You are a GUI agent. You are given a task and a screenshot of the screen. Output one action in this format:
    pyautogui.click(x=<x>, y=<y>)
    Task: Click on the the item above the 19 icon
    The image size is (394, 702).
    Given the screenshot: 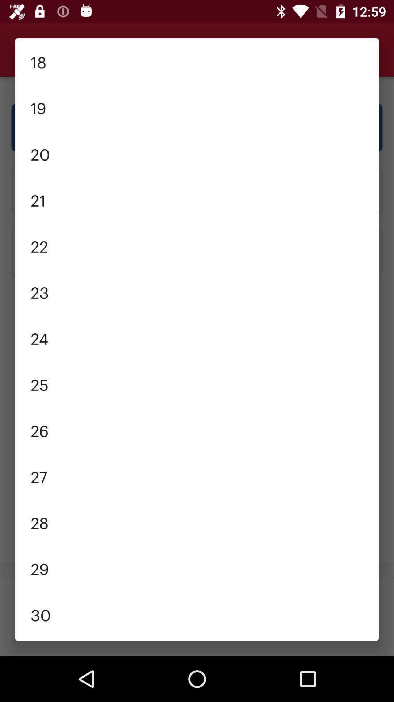 What is the action you would take?
    pyautogui.click(x=197, y=61)
    